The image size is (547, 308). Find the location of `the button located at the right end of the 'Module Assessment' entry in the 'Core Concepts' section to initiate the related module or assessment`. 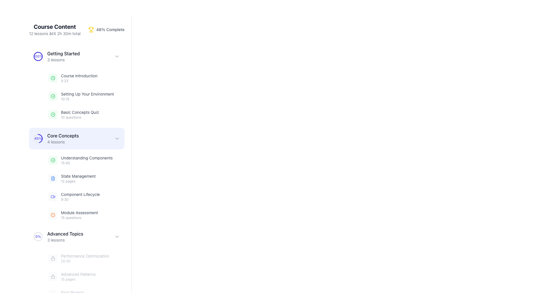

the button located at the right end of the 'Module Assessment' entry in the 'Core Concepts' section to initiate the related module or assessment is located at coordinates (116, 215).